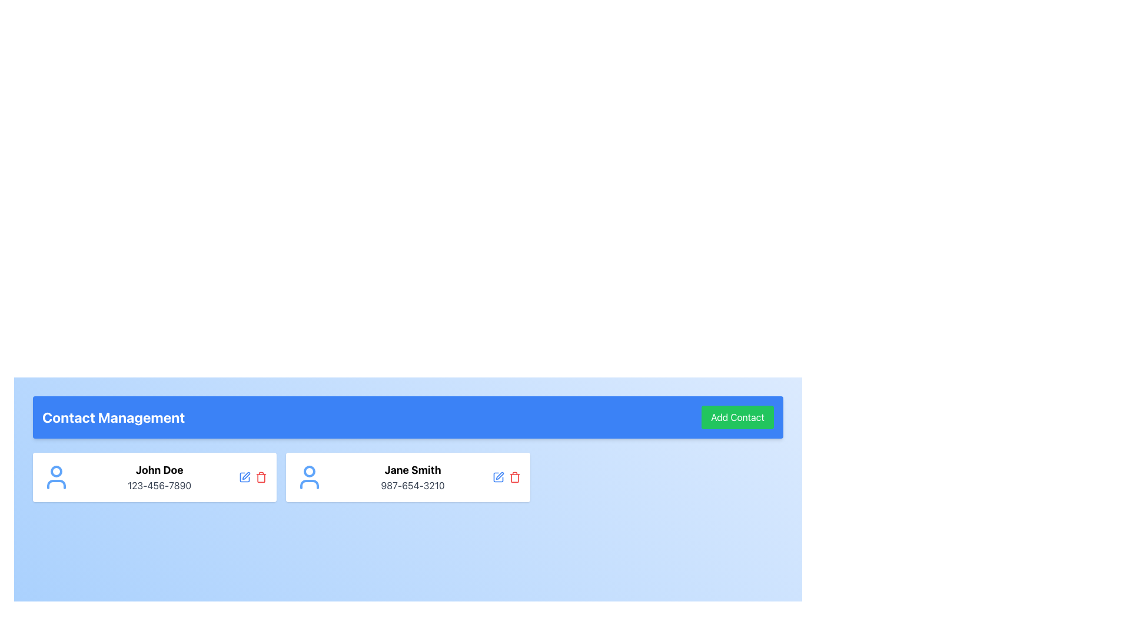 The image size is (1130, 635). Describe the element at coordinates (56, 471) in the screenshot. I see `the SVG Circle icon representing the user avatar for 'John Doe', located in the top-left area of the contact details card` at that location.